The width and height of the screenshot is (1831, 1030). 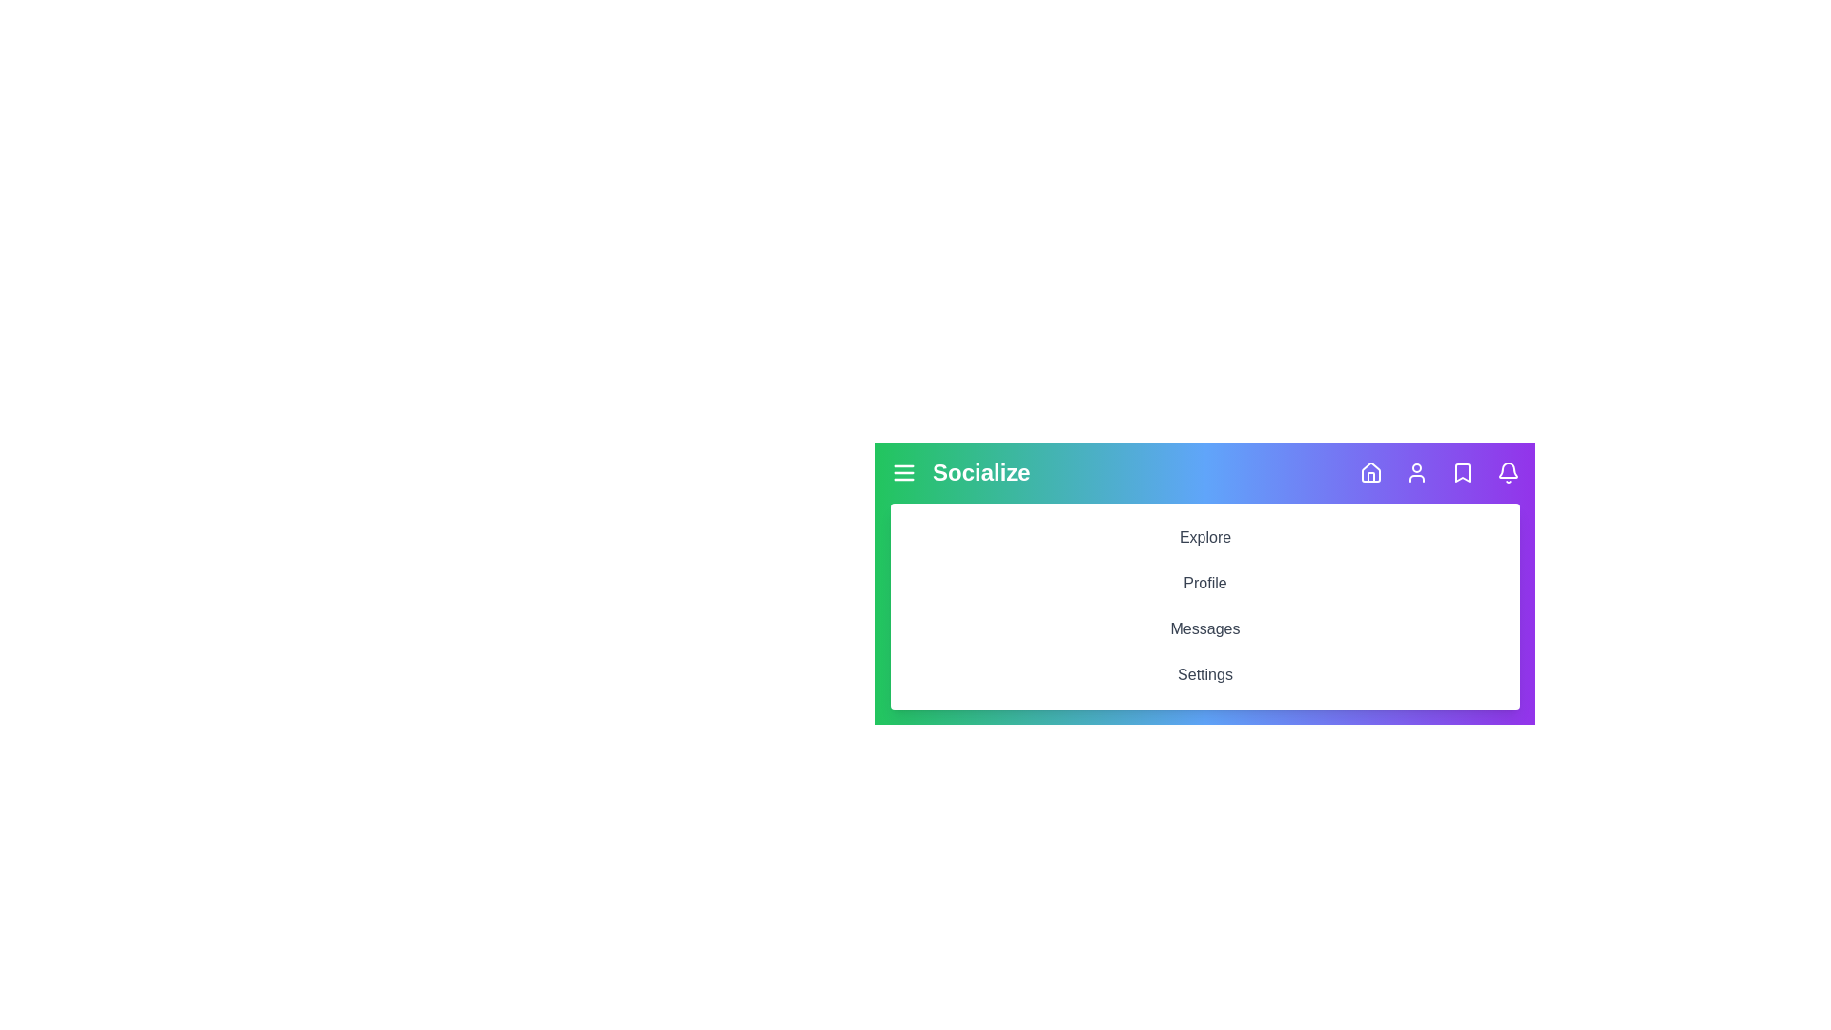 I want to click on the menu item Profile, so click(x=1204, y=583).